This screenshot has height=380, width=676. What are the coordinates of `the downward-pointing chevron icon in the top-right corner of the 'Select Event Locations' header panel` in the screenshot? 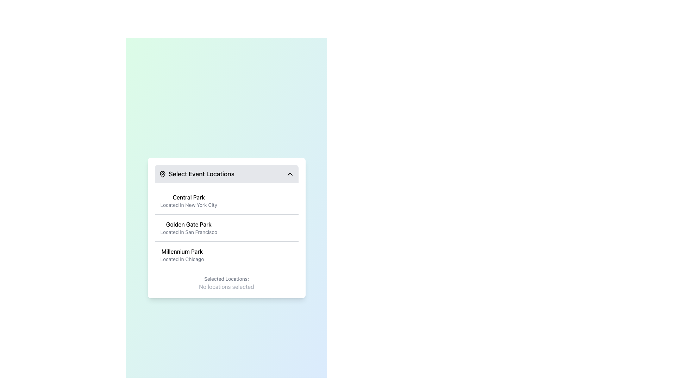 It's located at (290, 174).